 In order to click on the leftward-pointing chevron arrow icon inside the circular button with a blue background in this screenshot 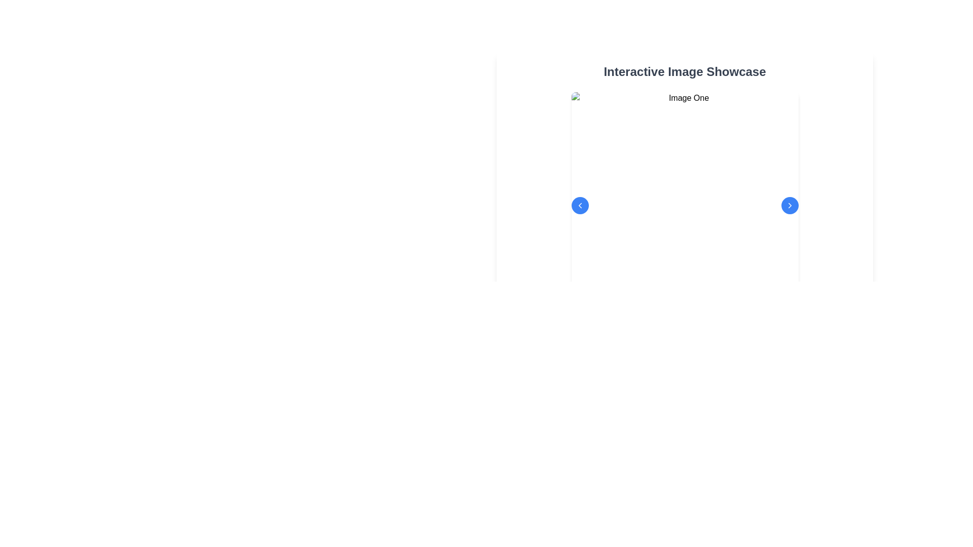, I will do `click(580, 205)`.